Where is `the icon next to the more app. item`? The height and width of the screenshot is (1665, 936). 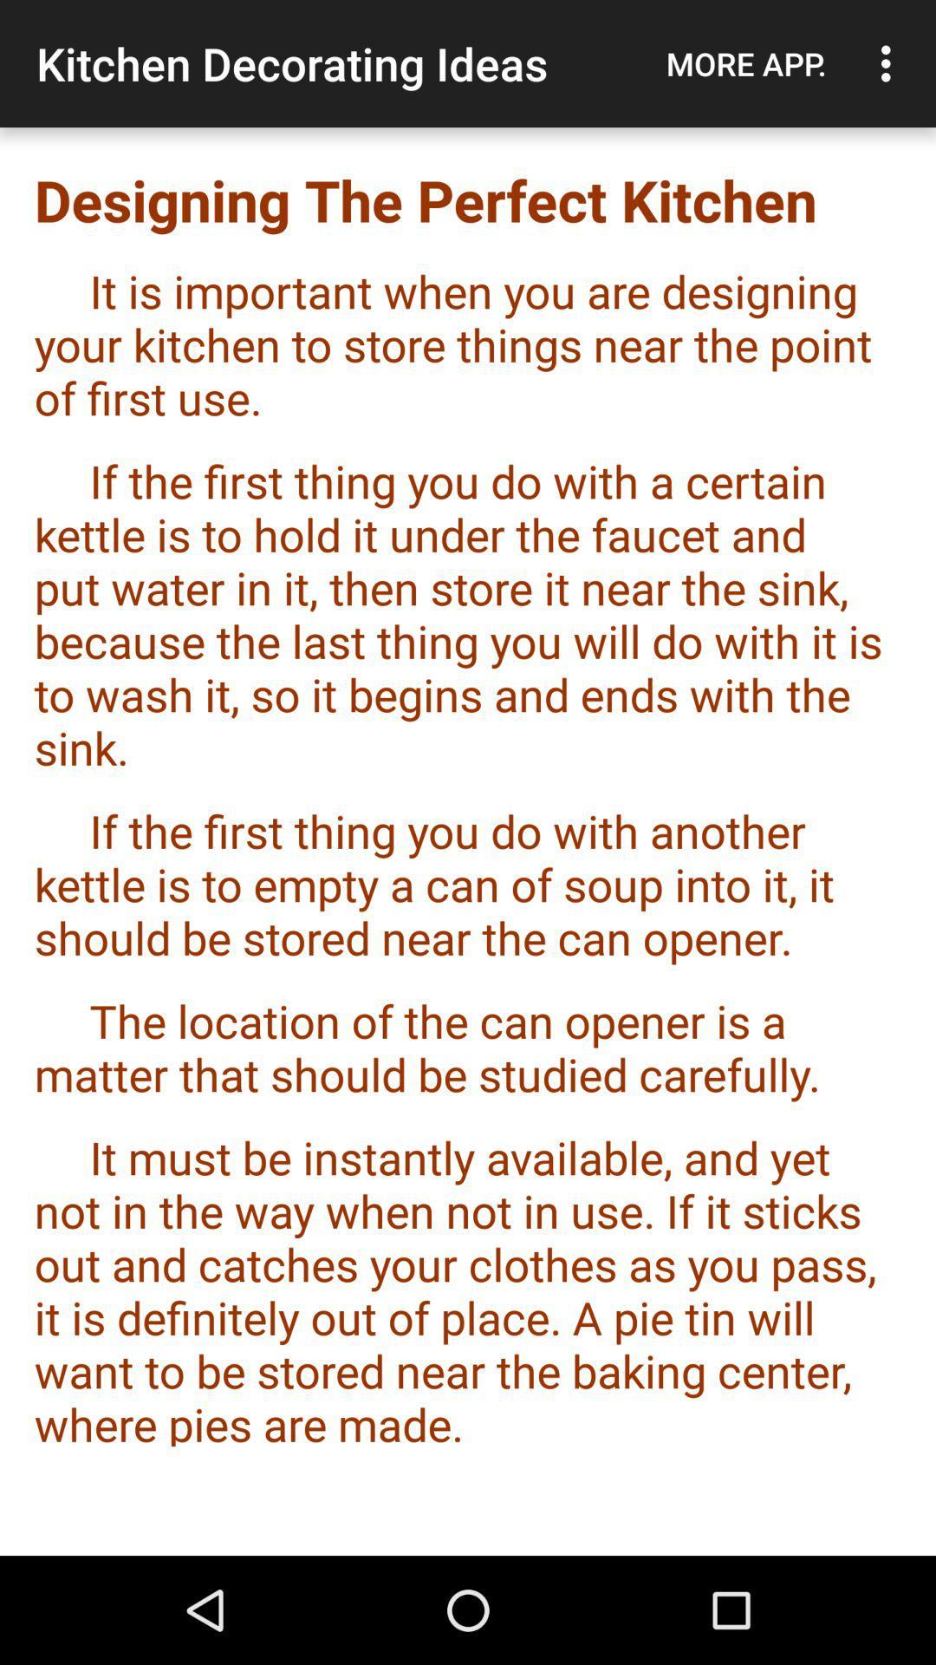
the icon next to the more app. item is located at coordinates (890, 63).